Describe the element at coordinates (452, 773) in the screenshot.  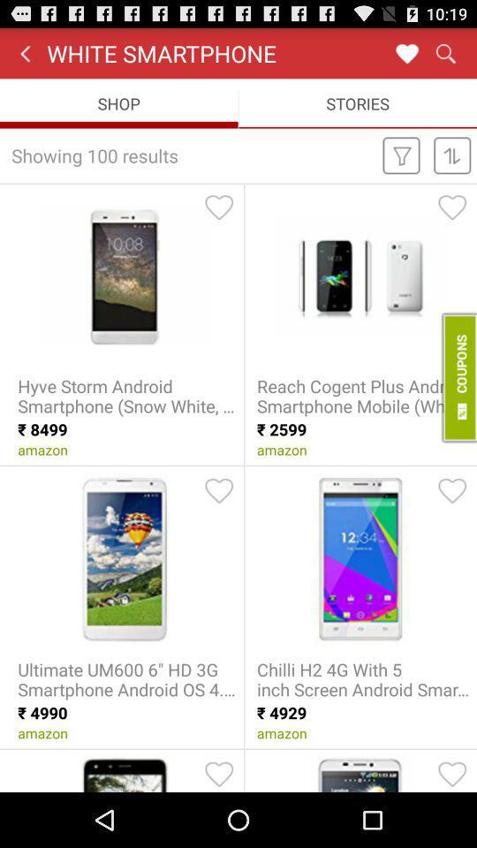
I see `the item as a favorite` at that location.